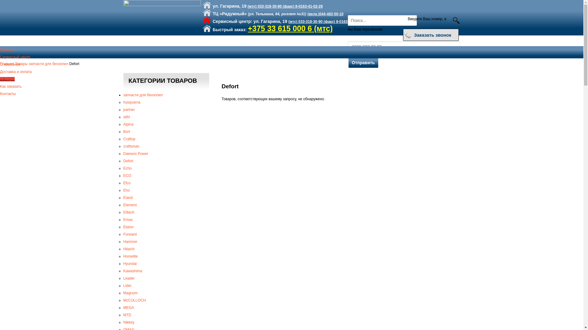 Image resolution: width=588 pixels, height=330 pixels. I want to click on 'stihl', so click(123, 117).